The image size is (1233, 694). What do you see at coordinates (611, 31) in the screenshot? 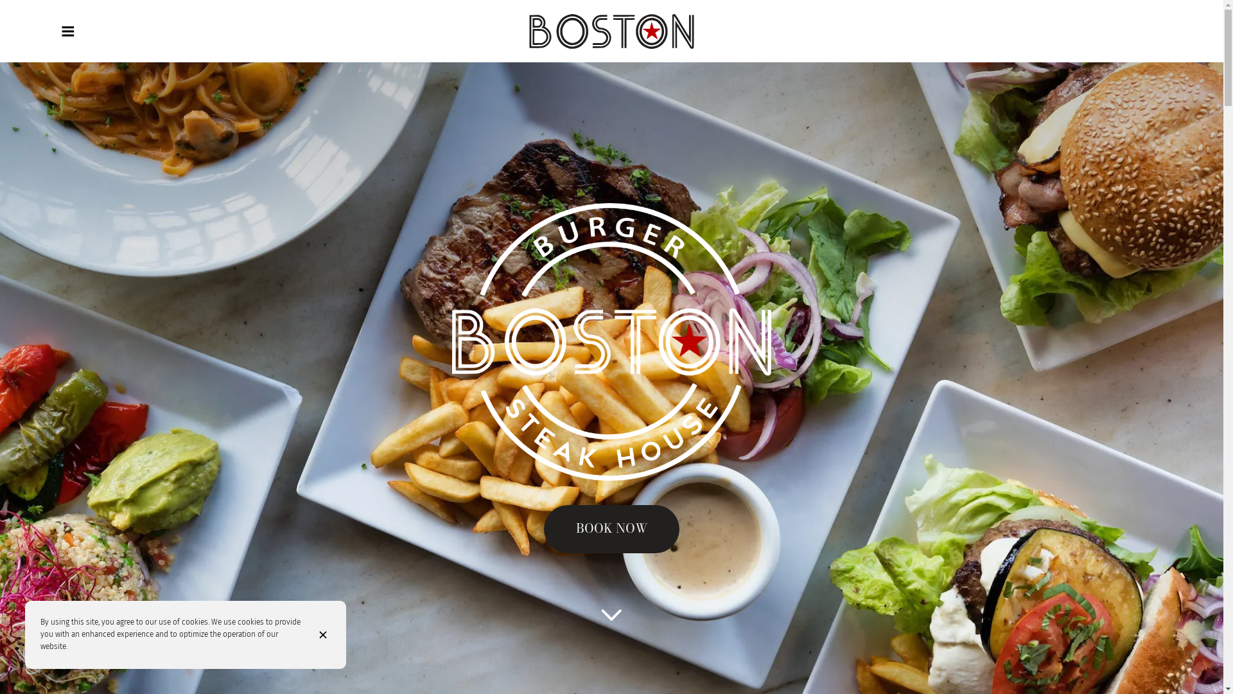
I see `'Logo of Boston Steak House'` at bounding box center [611, 31].